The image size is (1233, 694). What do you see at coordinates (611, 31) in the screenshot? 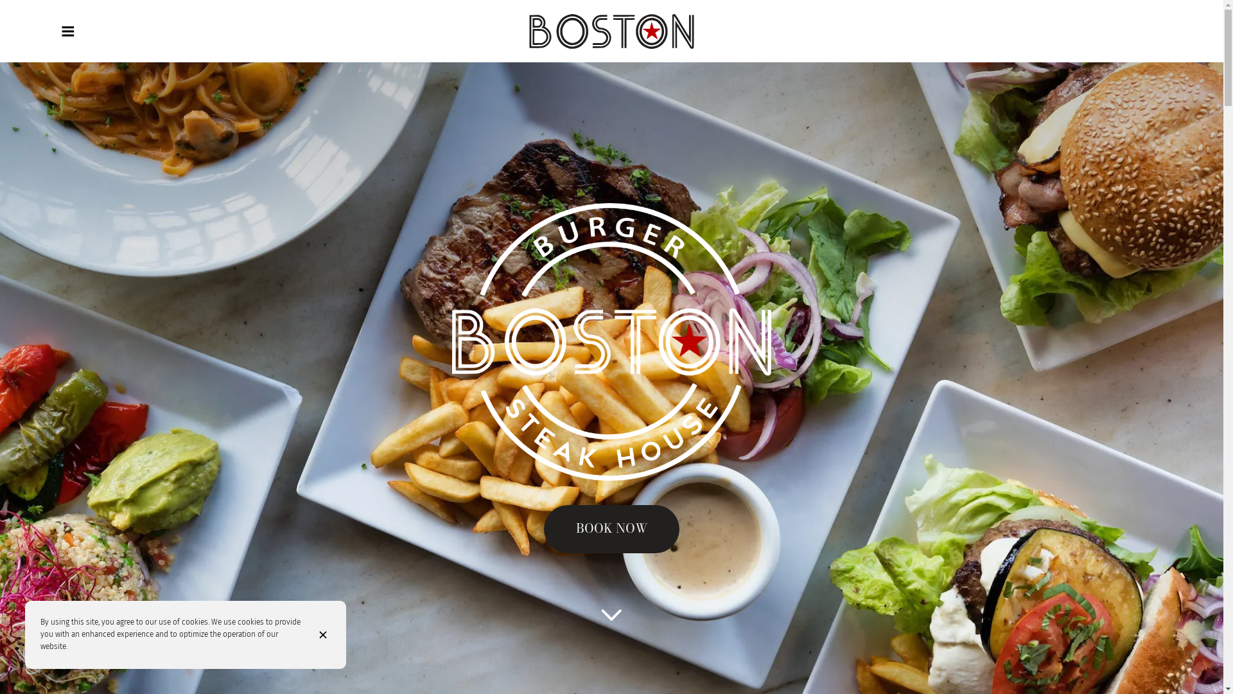
I see `'Logo of Boston Steak House'` at bounding box center [611, 31].